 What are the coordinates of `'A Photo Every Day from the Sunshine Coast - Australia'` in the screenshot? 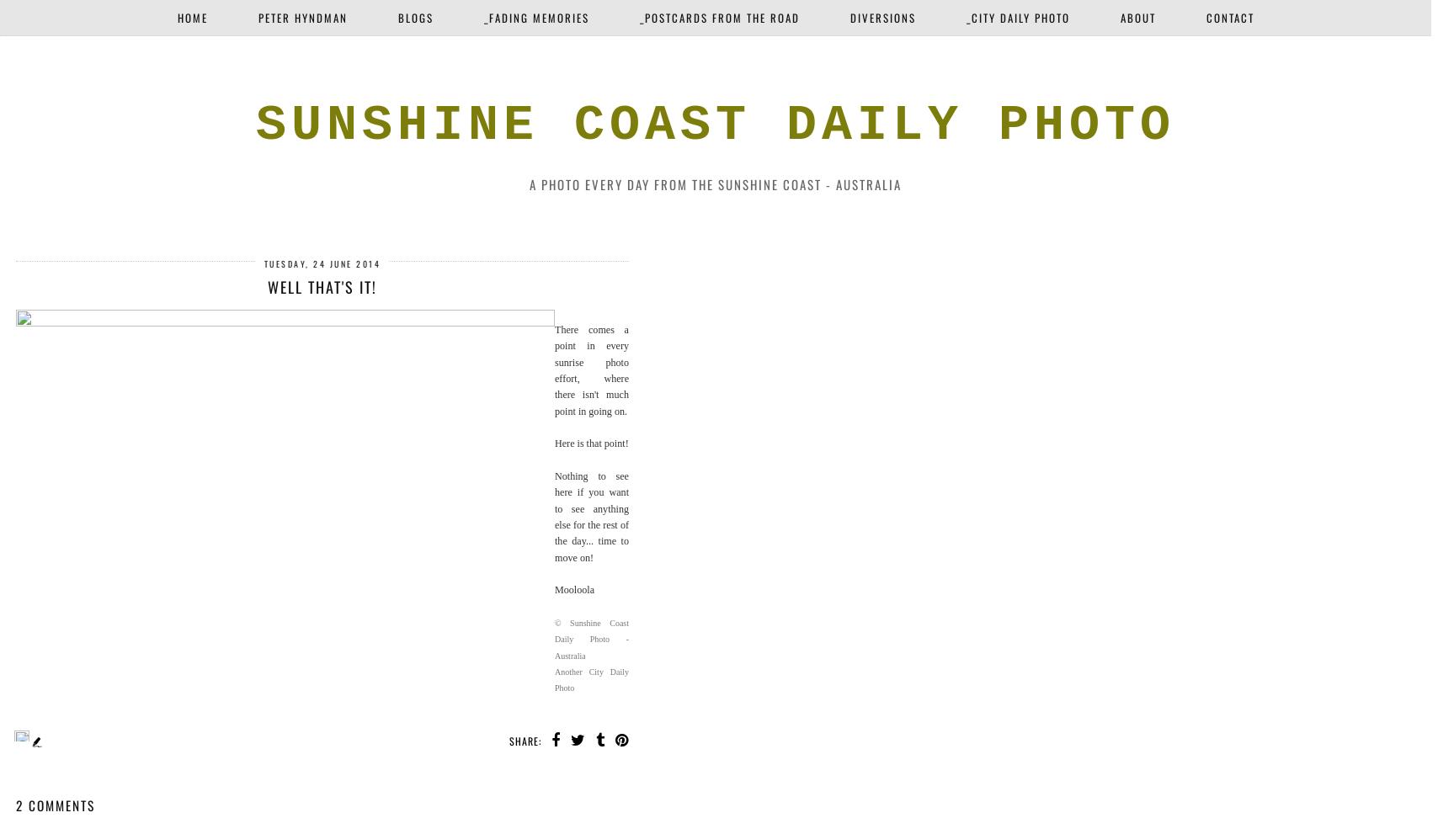 It's located at (530, 183).